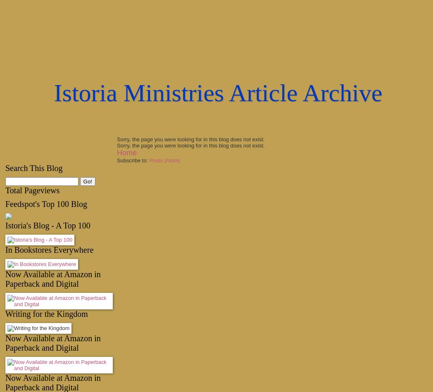 This screenshot has width=433, height=392. I want to click on 'Home', so click(126, 153).